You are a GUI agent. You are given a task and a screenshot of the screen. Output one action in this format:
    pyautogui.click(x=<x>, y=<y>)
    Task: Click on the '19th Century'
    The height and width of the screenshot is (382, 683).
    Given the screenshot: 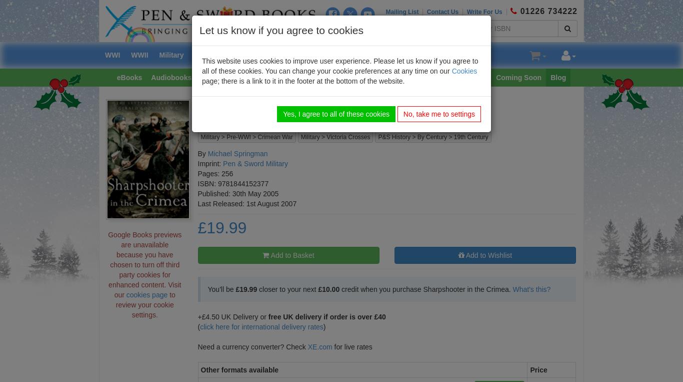 What is the action you would take?
    pyautogui.click(x=470, y=136)
    